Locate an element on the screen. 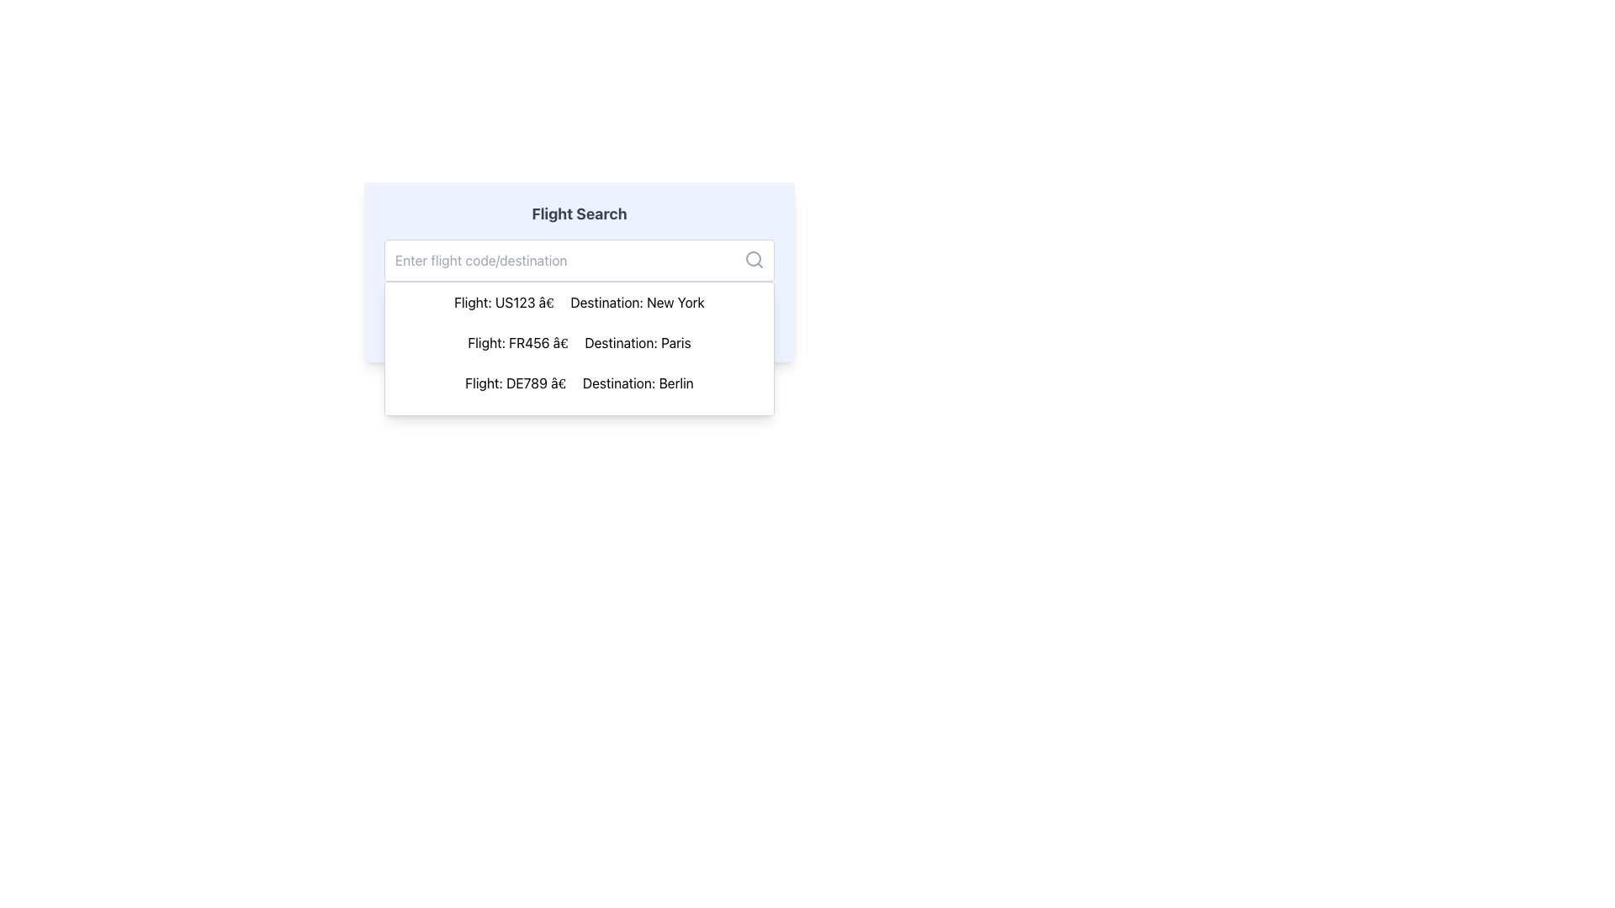 The height and width of the screenshot is (908, 1615). the second list item displaying flight information in the dropdown list is located at coordinates (580, 342).